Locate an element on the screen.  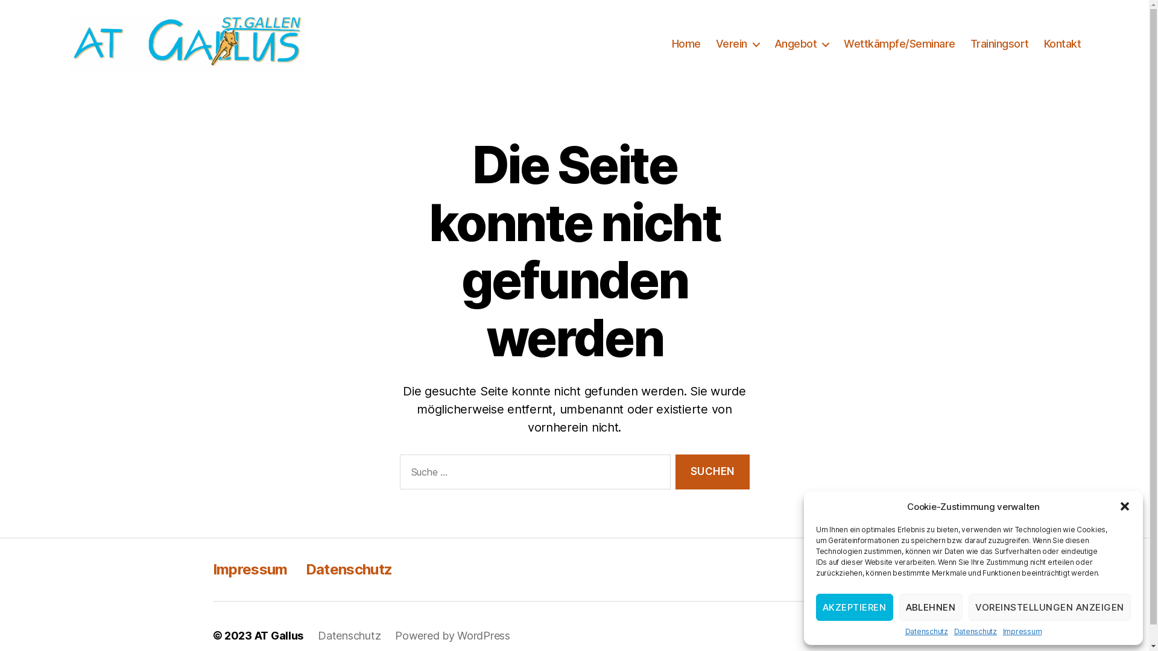
'Datenschutz' is located at coordinates (306, 569).